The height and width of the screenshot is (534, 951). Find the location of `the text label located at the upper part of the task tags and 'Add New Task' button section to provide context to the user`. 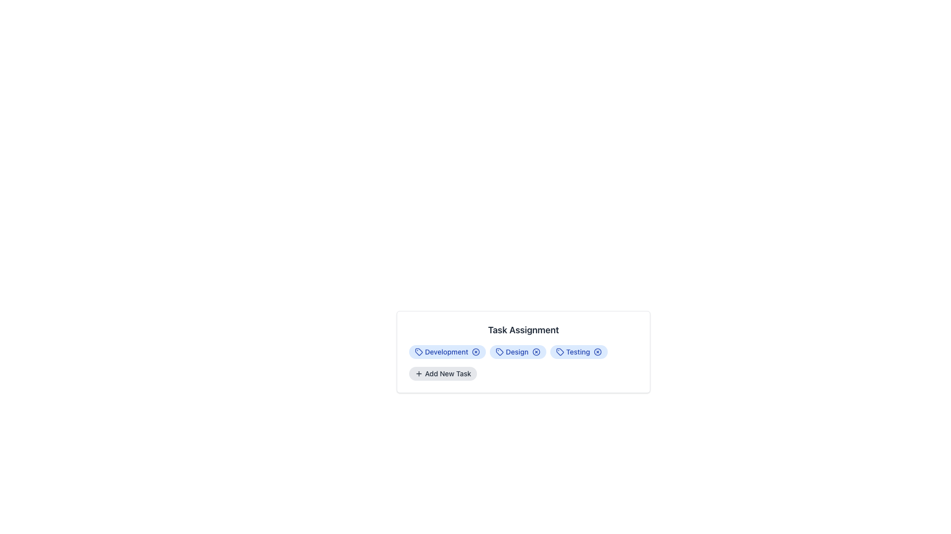

the text label located at the upper part of the task tags and 'Add New Task' button section to provide context to the user is located at coordinates (523, 330).